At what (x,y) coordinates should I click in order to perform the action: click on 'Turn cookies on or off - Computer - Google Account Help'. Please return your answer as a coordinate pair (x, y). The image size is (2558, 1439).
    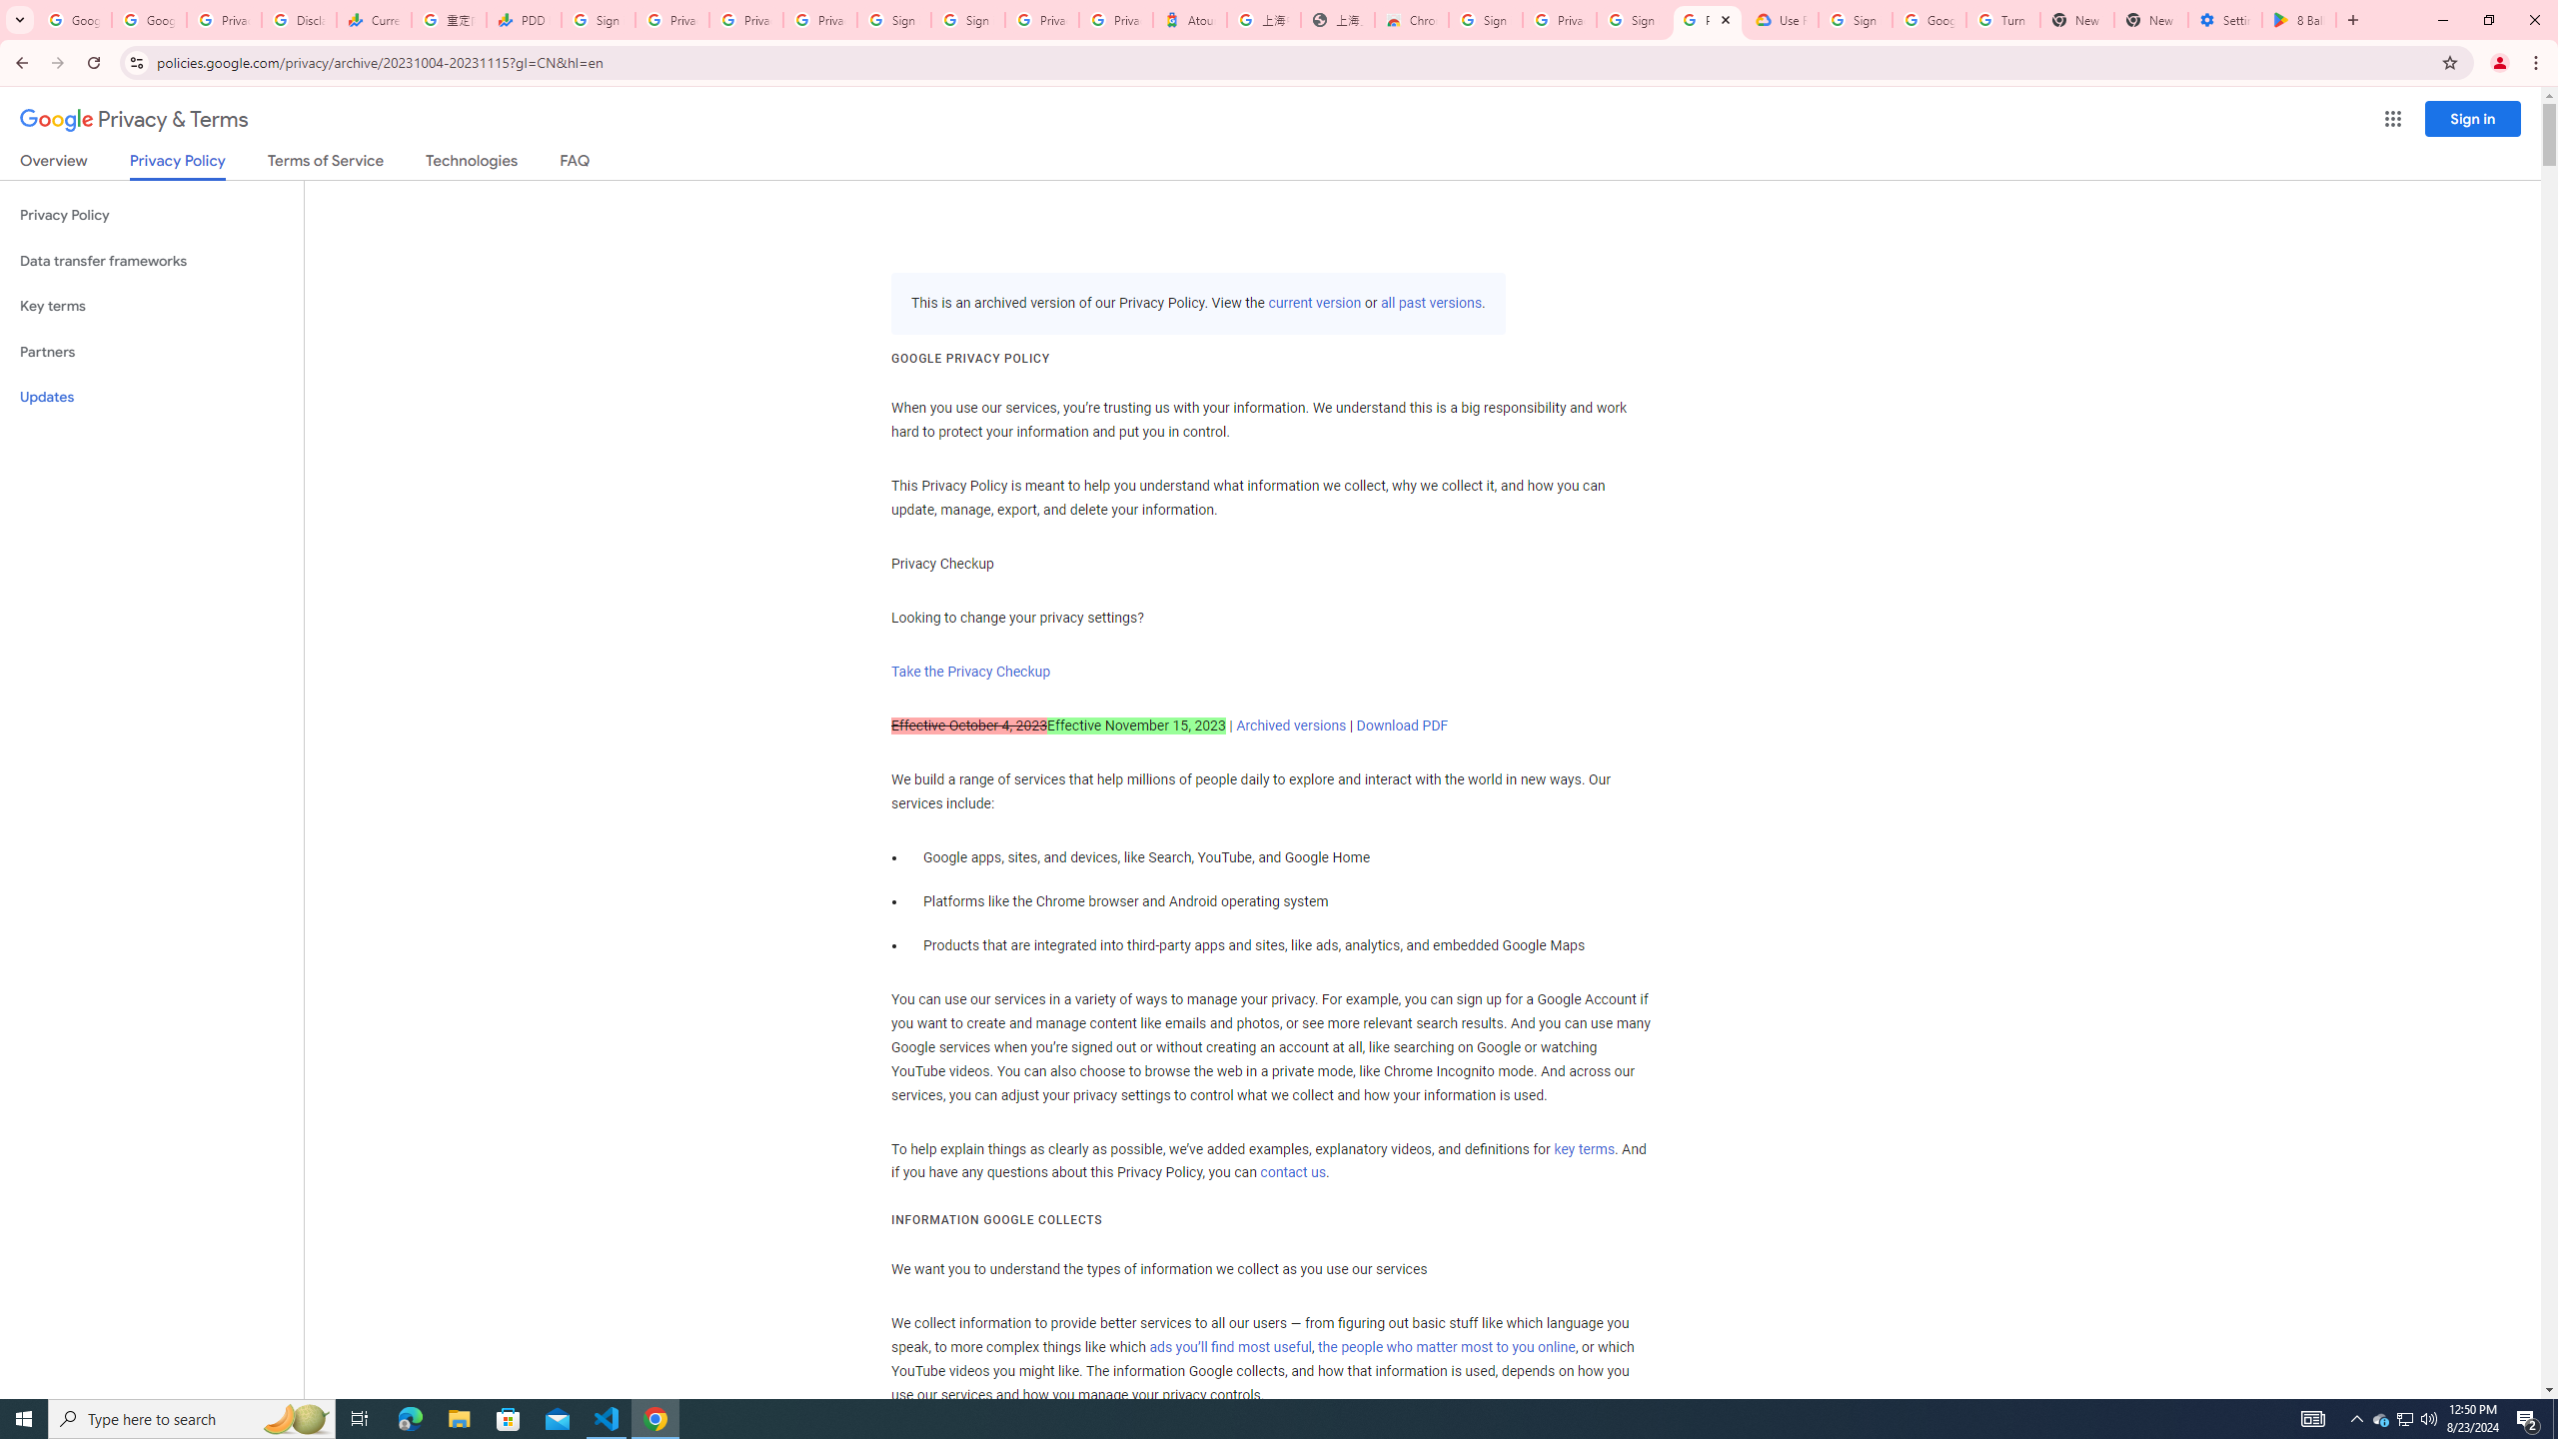
    Looking at the image, I should click on (2001, 19).